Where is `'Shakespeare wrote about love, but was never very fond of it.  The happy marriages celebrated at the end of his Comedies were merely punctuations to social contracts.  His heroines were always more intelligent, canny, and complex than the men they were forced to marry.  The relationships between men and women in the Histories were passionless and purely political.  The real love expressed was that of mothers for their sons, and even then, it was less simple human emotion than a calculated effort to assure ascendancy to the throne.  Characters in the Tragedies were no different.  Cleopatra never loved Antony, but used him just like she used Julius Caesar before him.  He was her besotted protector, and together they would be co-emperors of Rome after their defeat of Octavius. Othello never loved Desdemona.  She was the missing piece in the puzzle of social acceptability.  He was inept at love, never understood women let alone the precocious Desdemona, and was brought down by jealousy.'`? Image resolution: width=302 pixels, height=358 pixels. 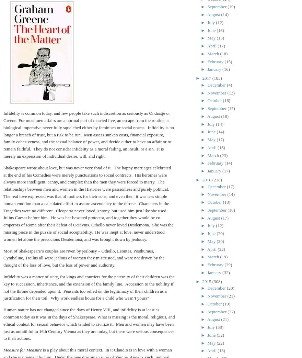 'Shakespeare wrote about love, but was never very fond of it.  The happy marriages celebrated at the end of his Comedies were merely punctuations to social contracts.  His heroines were always more intelligent, canny, and complex than the men they were forced to marry.  The relationships between men and women in the Histories were passionless and purely political.  The real love expressed was that of mothers for their sons, and even then, it was less simple human emotion than a calculated effort to assure ascendancy to the throne.  Characters in the Tragedies were no different.  Cleopatra never loved Antony, but used him just like she used Julius Caesar before him.  He was her besotted protector, and together they would be co-emperors of Rome after their defeat of Octavius. Othello never loved Desdemona.  She was the missing piece in the puzzle of social acceptability.  He was inept at love, never understood women let alone the precocious Desdemona, and was brought down by jealousy.' is located at coordinates (3, 203).